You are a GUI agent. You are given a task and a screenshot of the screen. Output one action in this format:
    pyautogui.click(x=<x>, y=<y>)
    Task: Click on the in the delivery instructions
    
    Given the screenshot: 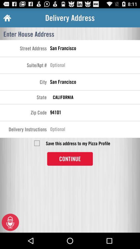 What is the action you would take?
    pyautogui.click(x=95, y=130)
    